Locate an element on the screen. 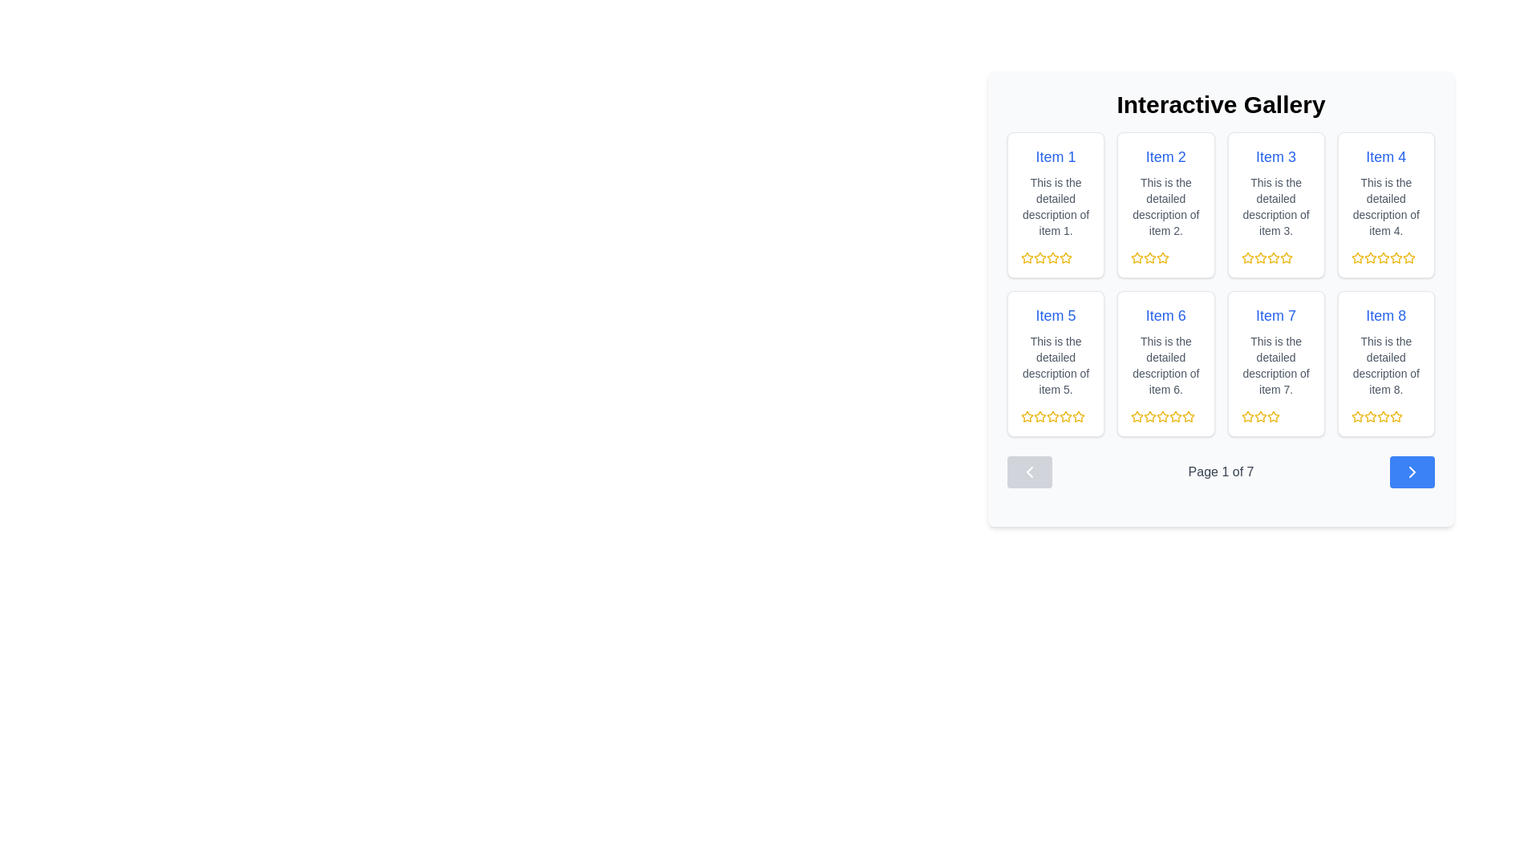  the third star icon in the rating system under the card titled 'Item 2' is located at coordinates (1165, 257).